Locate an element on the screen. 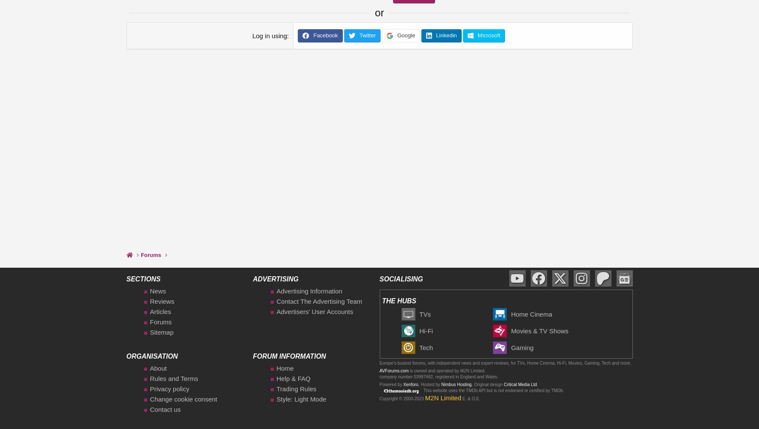 The height and width of the screenshot is (429, 759). 'Facebook' is located at coordinates (324, 35).